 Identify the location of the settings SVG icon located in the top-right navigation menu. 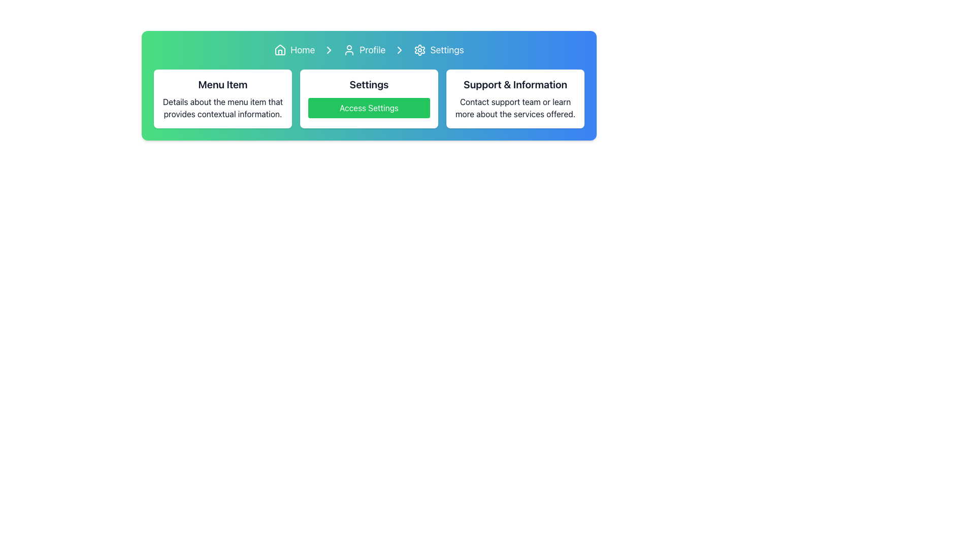
(420, 50).